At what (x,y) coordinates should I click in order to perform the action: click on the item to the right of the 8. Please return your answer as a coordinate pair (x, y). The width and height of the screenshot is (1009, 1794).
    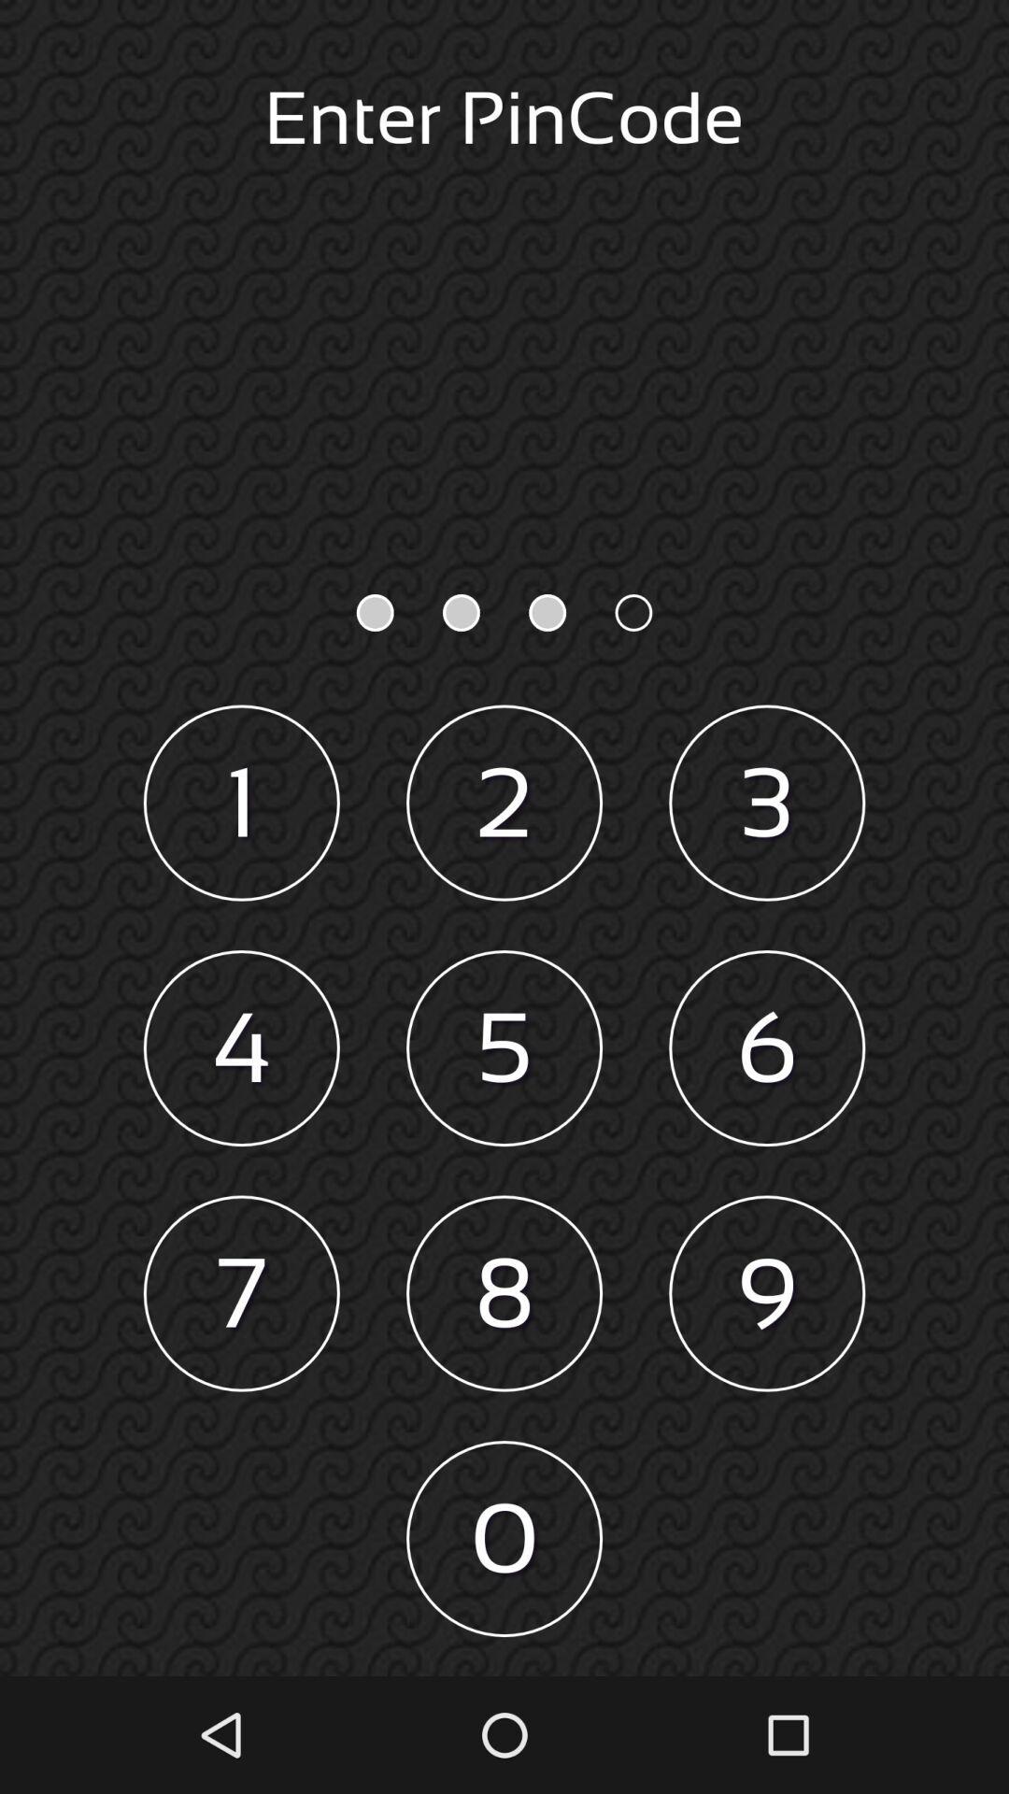
    Looking at the image, I should click on (767, 1292).